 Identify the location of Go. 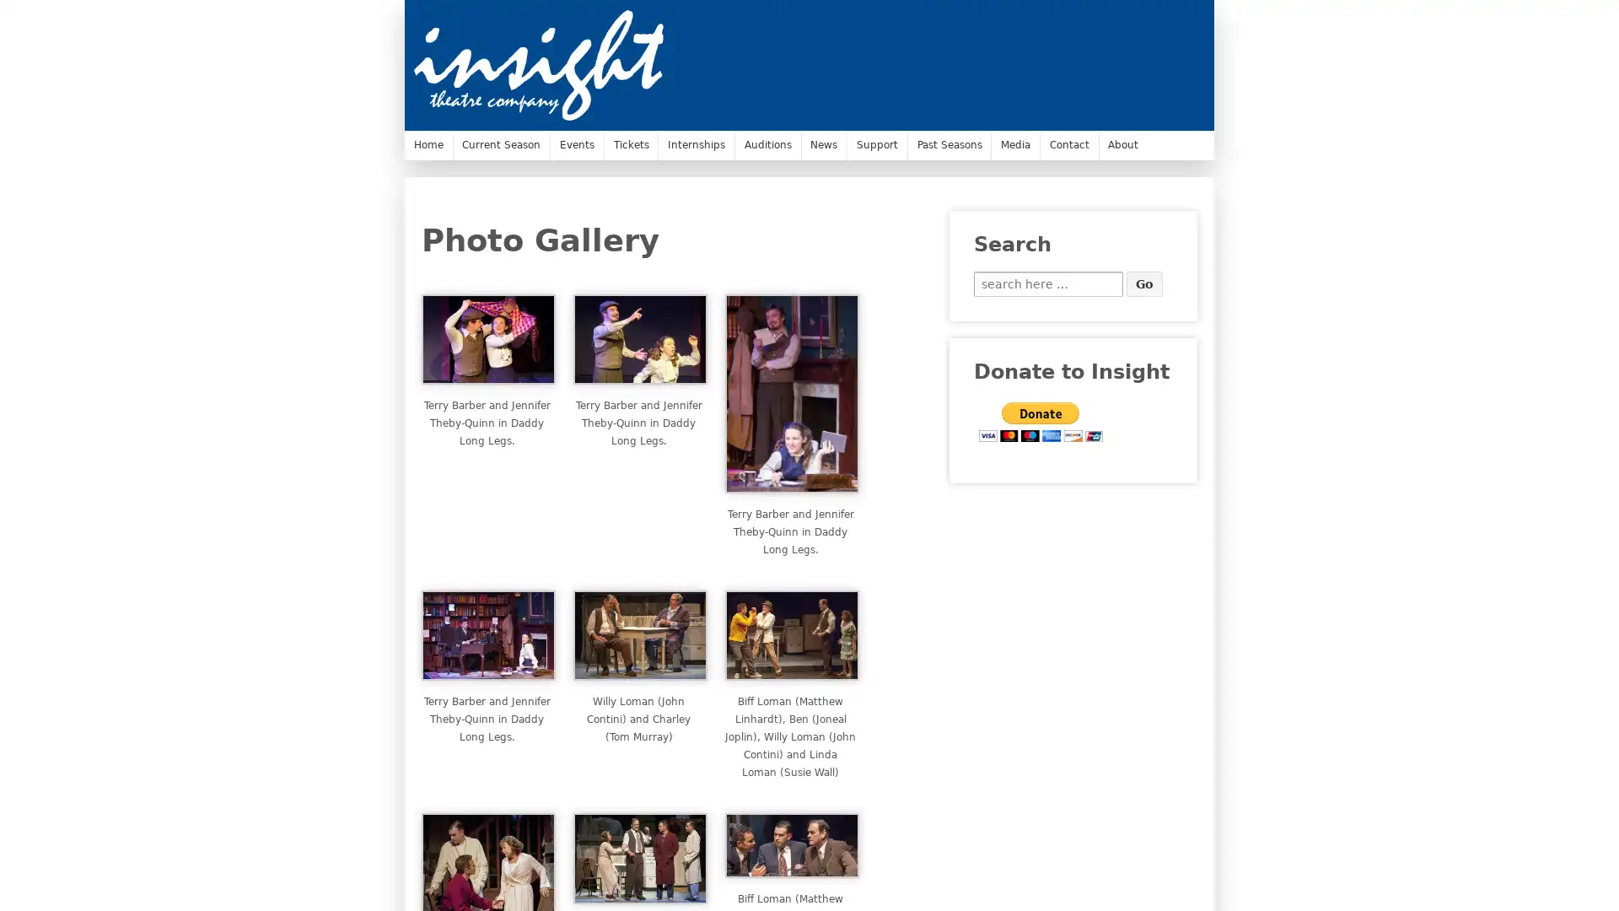
(1144, 283).